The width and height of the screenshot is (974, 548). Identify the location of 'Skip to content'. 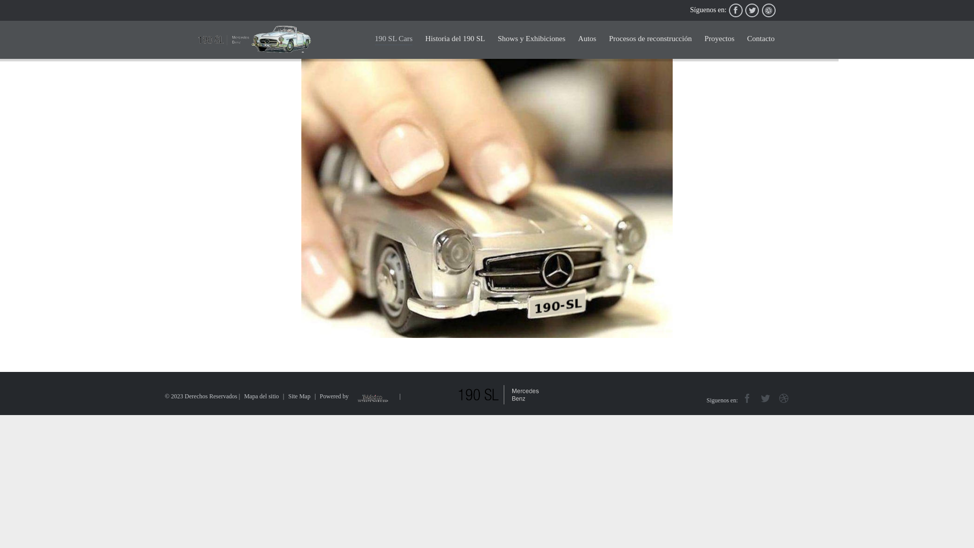
(781, 29).